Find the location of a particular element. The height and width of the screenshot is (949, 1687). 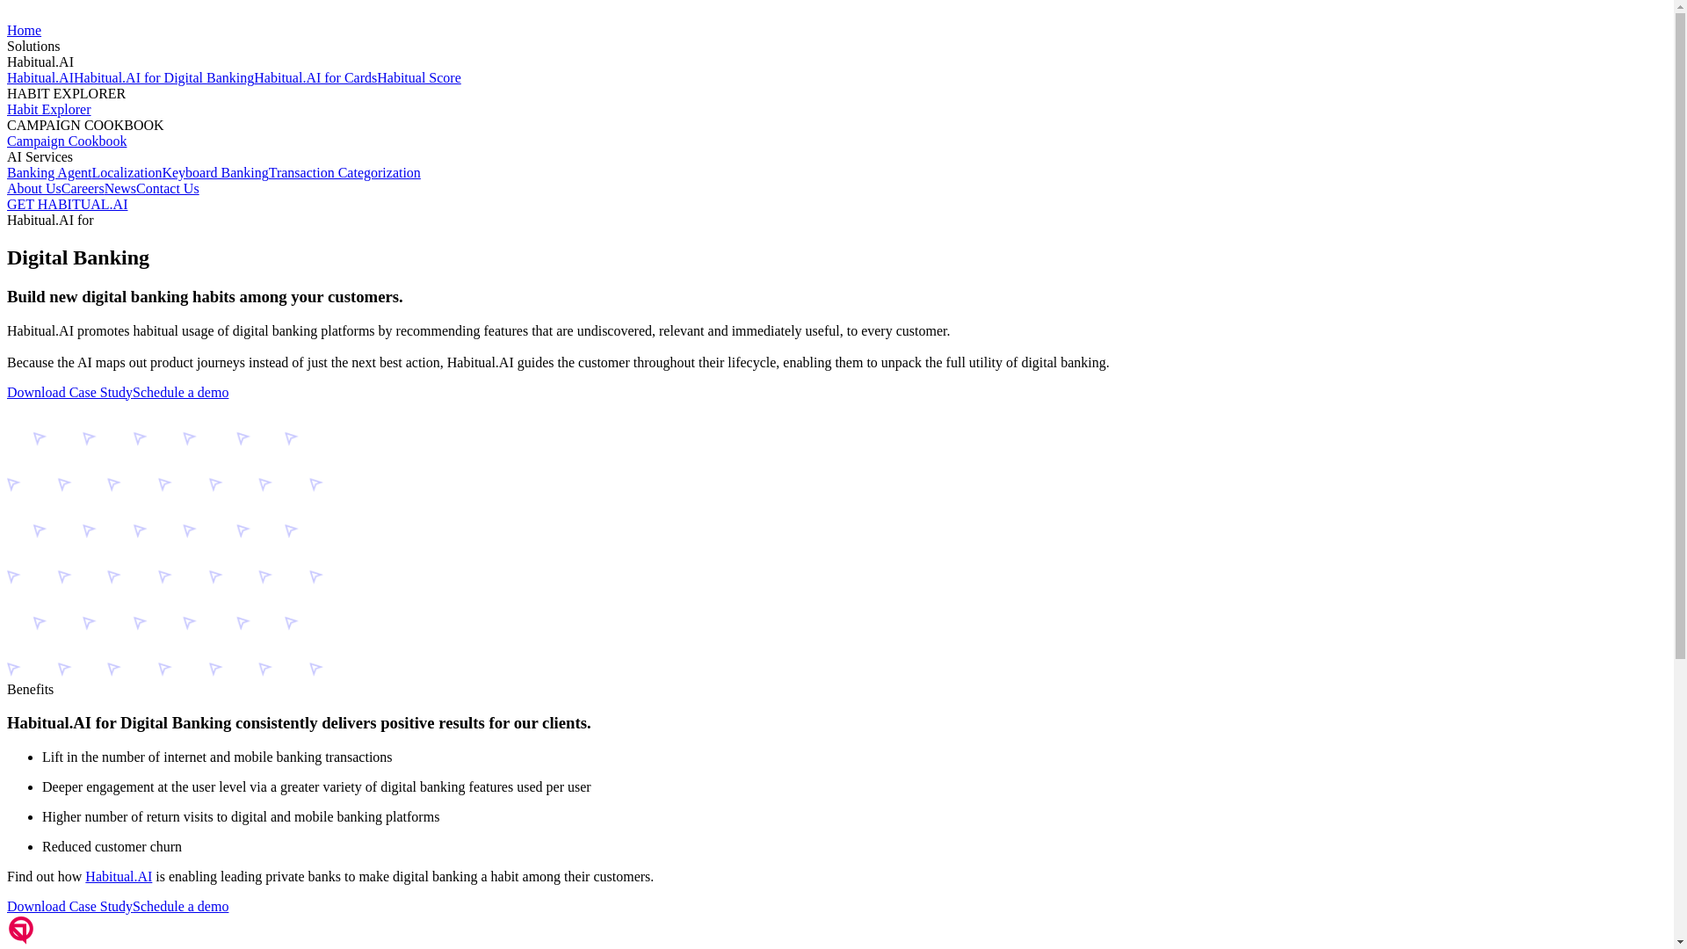

'Localization' is located at coordinates (126, 172).